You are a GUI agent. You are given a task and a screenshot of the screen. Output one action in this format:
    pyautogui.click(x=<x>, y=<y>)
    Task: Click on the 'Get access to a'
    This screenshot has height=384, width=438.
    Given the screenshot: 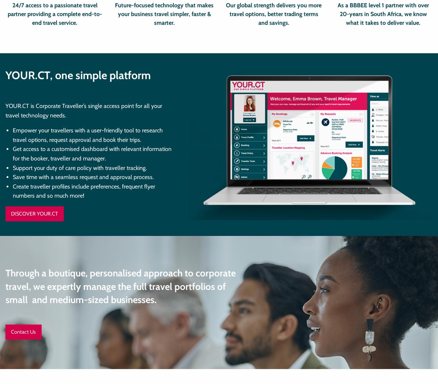 What is the action you would take?
    pyautogui.click(x=13, y=149)
    